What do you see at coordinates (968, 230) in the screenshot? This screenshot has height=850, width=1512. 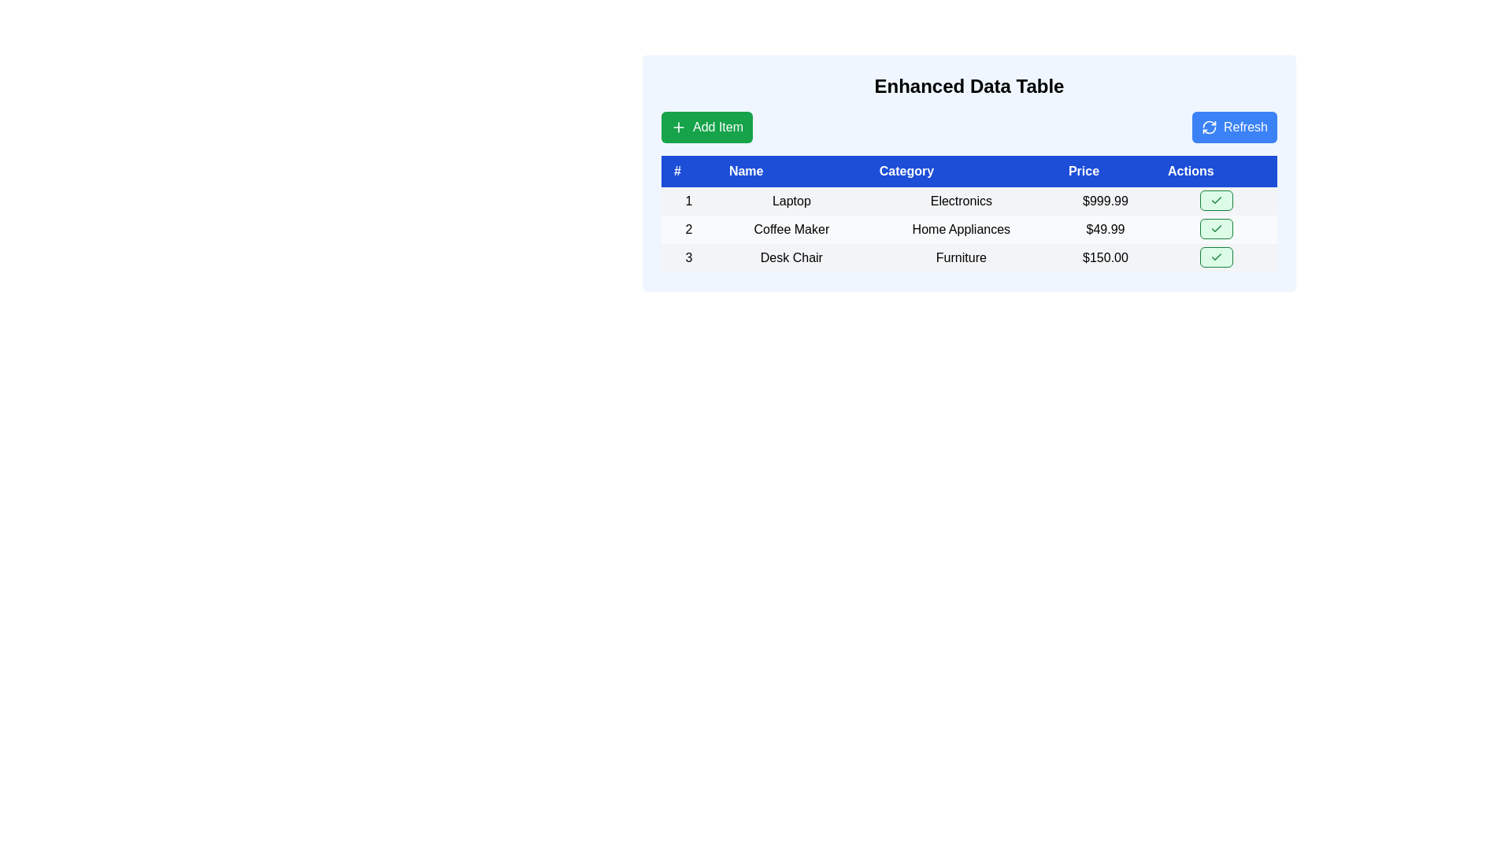 I see `text content of the second row in the table that includes the Coffee Maker item, which contains its identifier, category, and price` at bounding box center [968, 230].